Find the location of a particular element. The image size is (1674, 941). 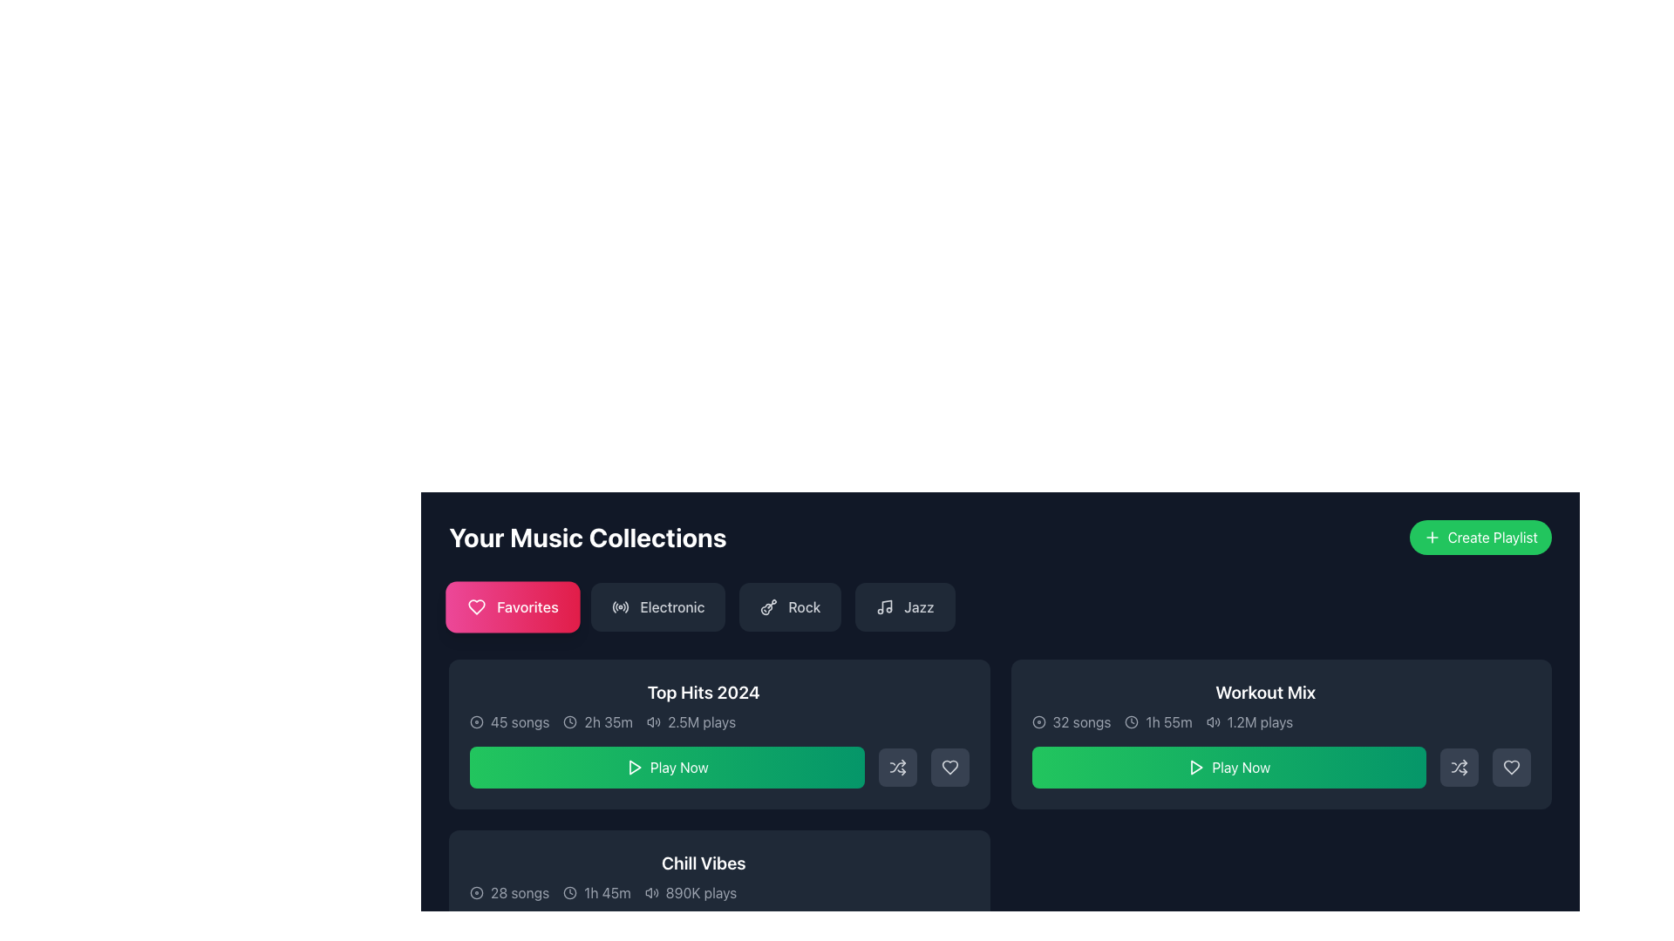

the 'shuffle' button located to the right of the 'Play Now' button is located at coordinates (897, 766).